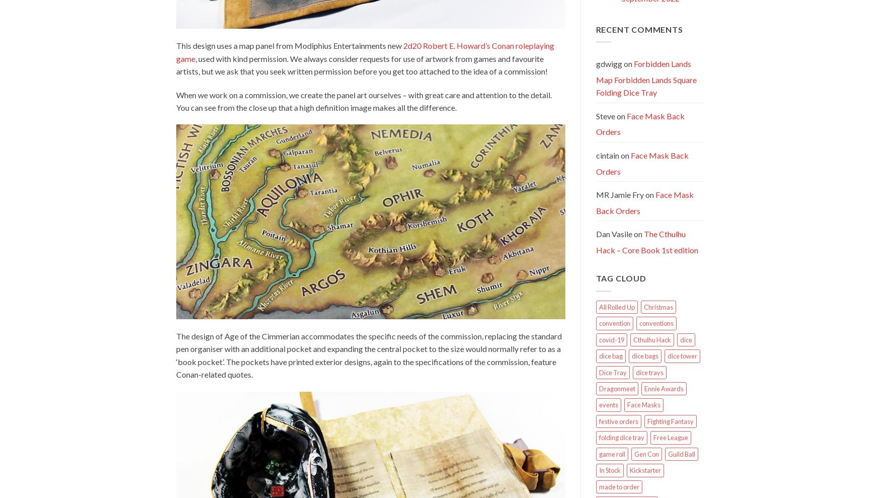  What do you see at coordinates (655, 323) in the screenshot?
I see `'conventions'` at bounding box center [655, 323].